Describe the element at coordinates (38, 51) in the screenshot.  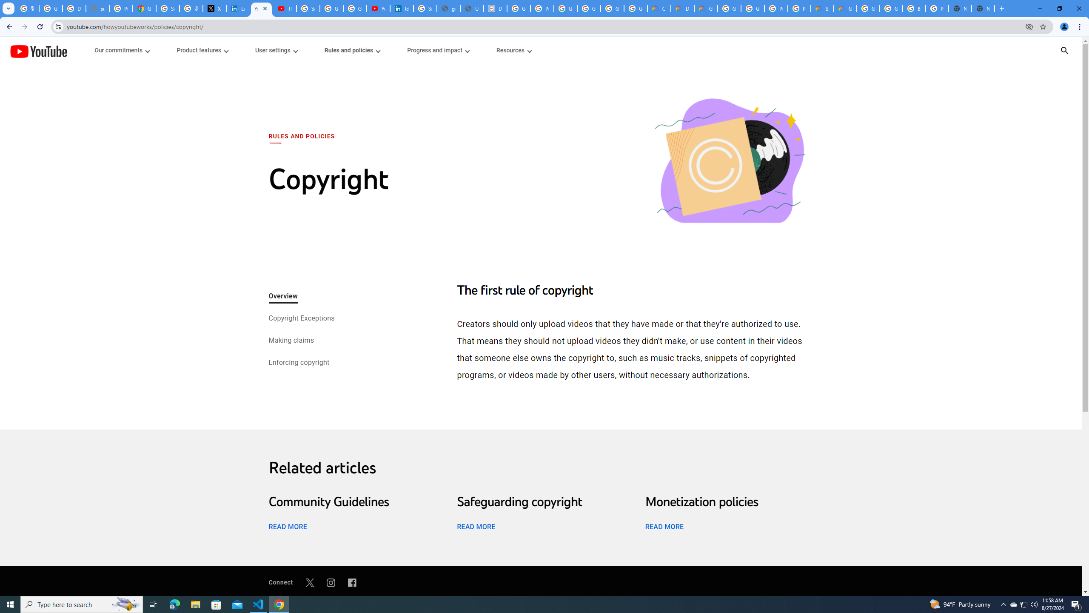
I see `'YouTube'` at that location.